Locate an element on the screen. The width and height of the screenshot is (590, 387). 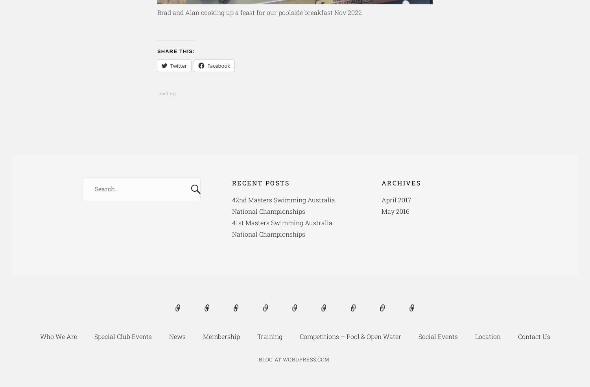
'Competitions – Pool & Open Water' is located at coordinates (350, 336).